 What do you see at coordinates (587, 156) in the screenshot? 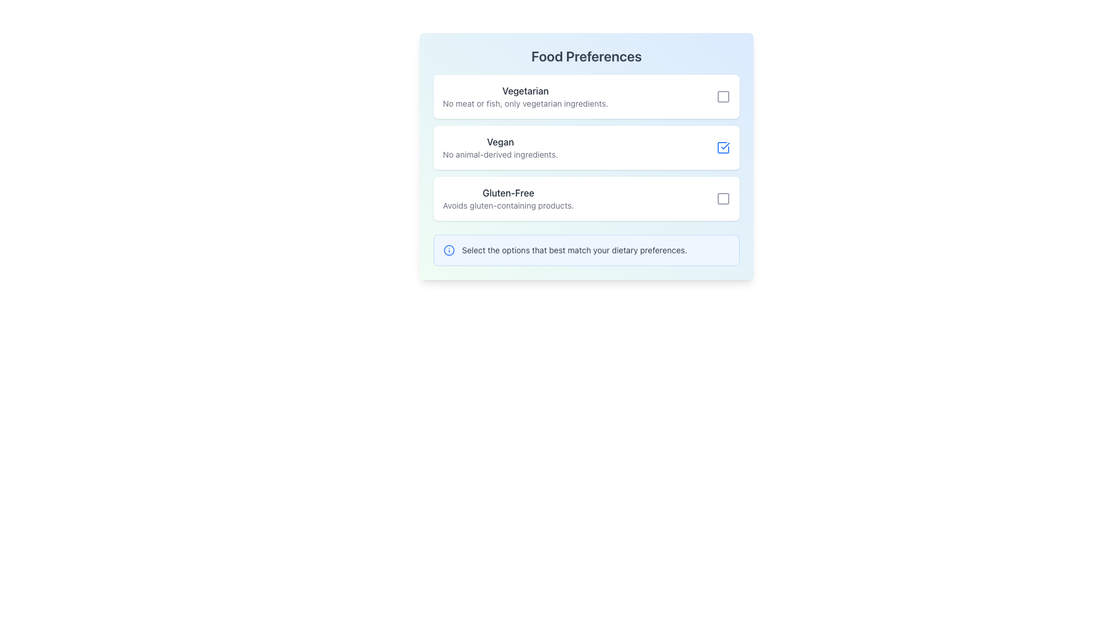
I see `the checkbox for the 'Vegan' dietary preference option within the 'Food Preferences' section of the interactive form, which is marked as selected` at bounding box center [587, 156].